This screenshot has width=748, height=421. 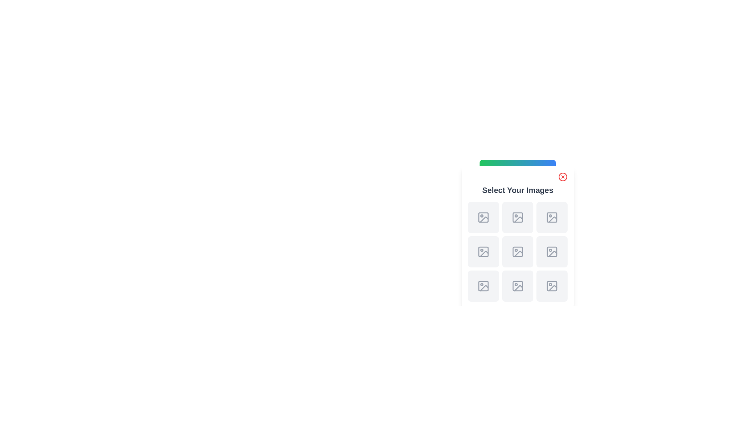 I want to click on the light gray picture icon located in the second row, third column of a 3x3 grid, so click(x=551, y=218).